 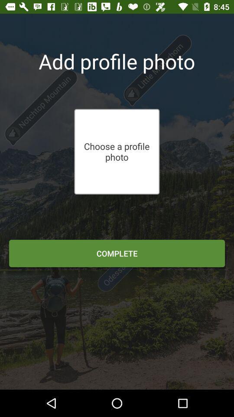 What do you see at coordinates (117, 253) in the screenshot?
I see `the complete icon` at bounding box center [117, 253].